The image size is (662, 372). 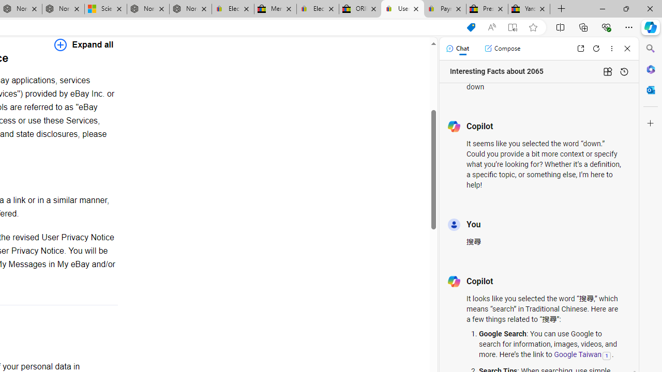 I want to click on 'Payments Terms of Use | eBay.com', so click(x=445, y=9).